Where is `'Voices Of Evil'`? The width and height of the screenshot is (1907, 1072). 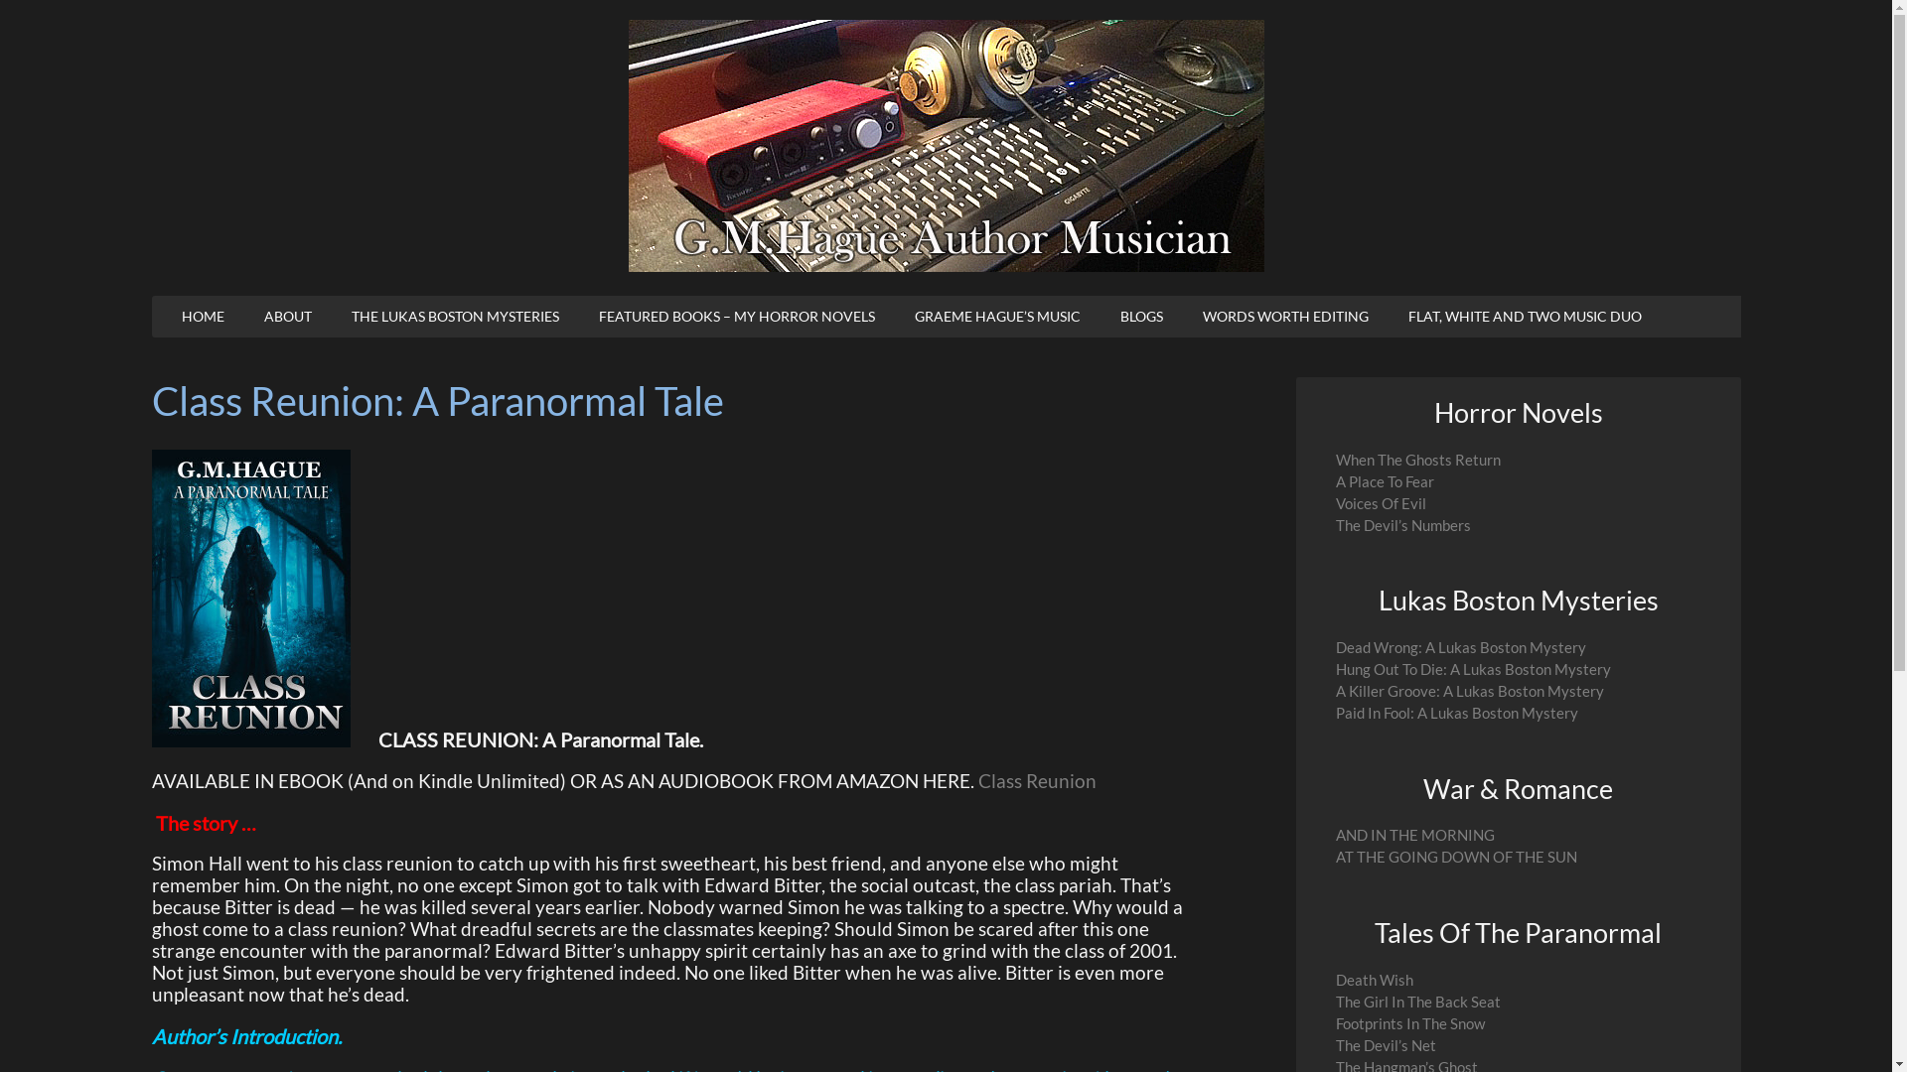 'Voices Of Evil' is located at coordinates (1379, 502).